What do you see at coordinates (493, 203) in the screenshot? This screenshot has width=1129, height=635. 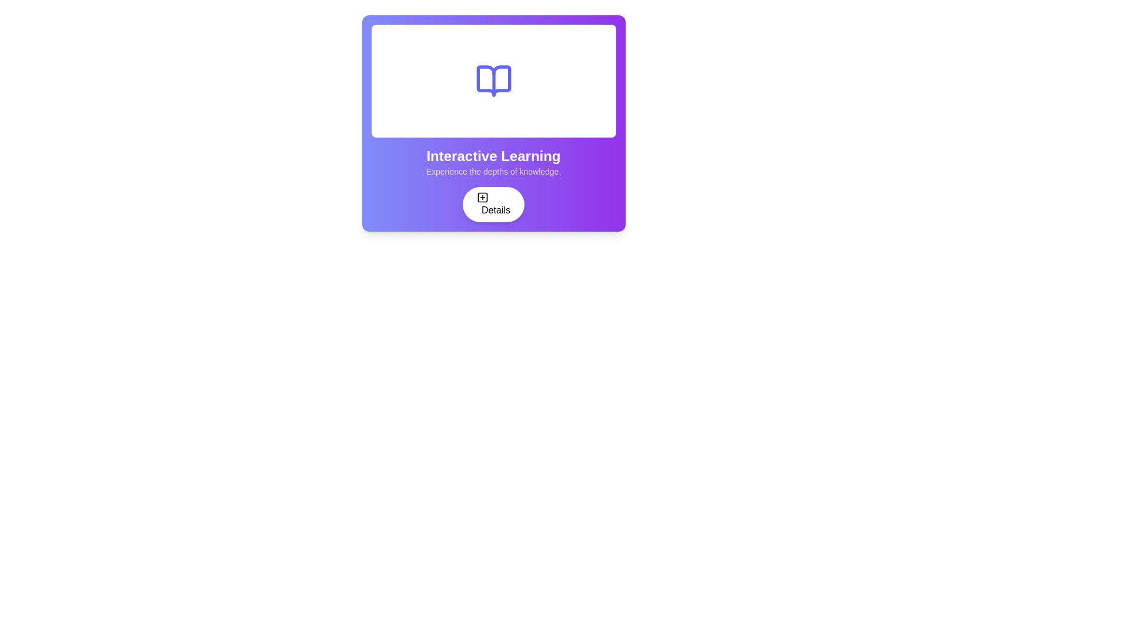 I see `the button located below the text 'Interactive Learning'` at bounding box center [493, 203].